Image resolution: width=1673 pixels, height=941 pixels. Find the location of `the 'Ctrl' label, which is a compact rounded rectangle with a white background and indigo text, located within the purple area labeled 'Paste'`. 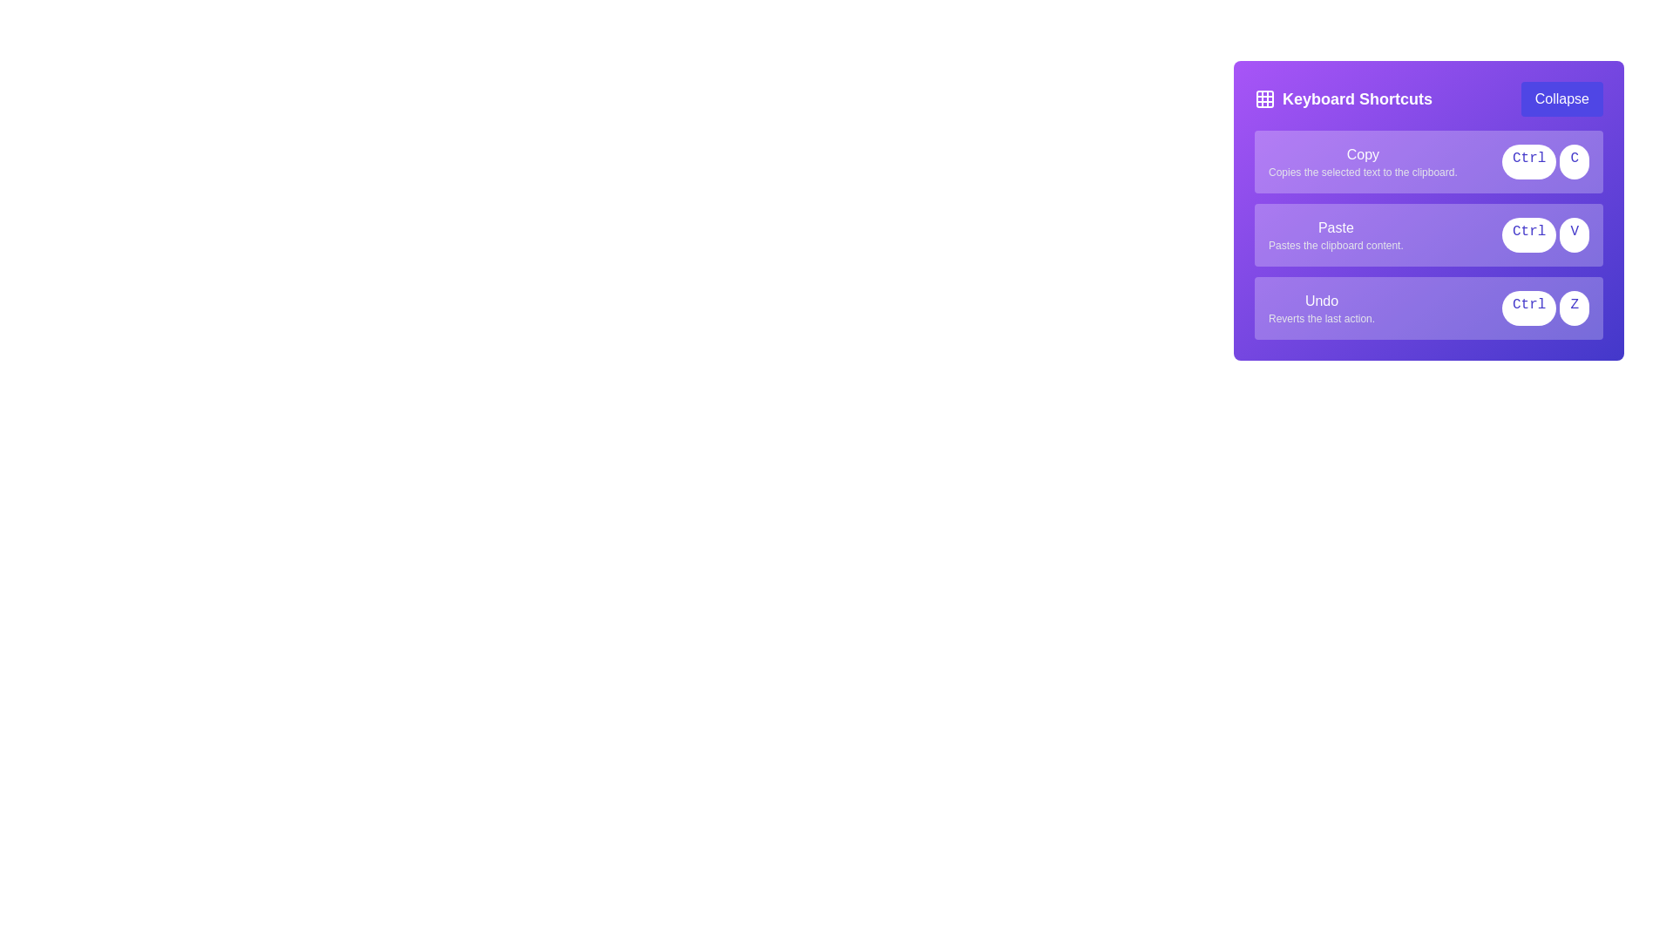

the 'Ctrl' label, which is a compact rounded rectangle with a white background and indigo text, located within the purple area labeled 'Paste' is located at coordinates (1528, 235).